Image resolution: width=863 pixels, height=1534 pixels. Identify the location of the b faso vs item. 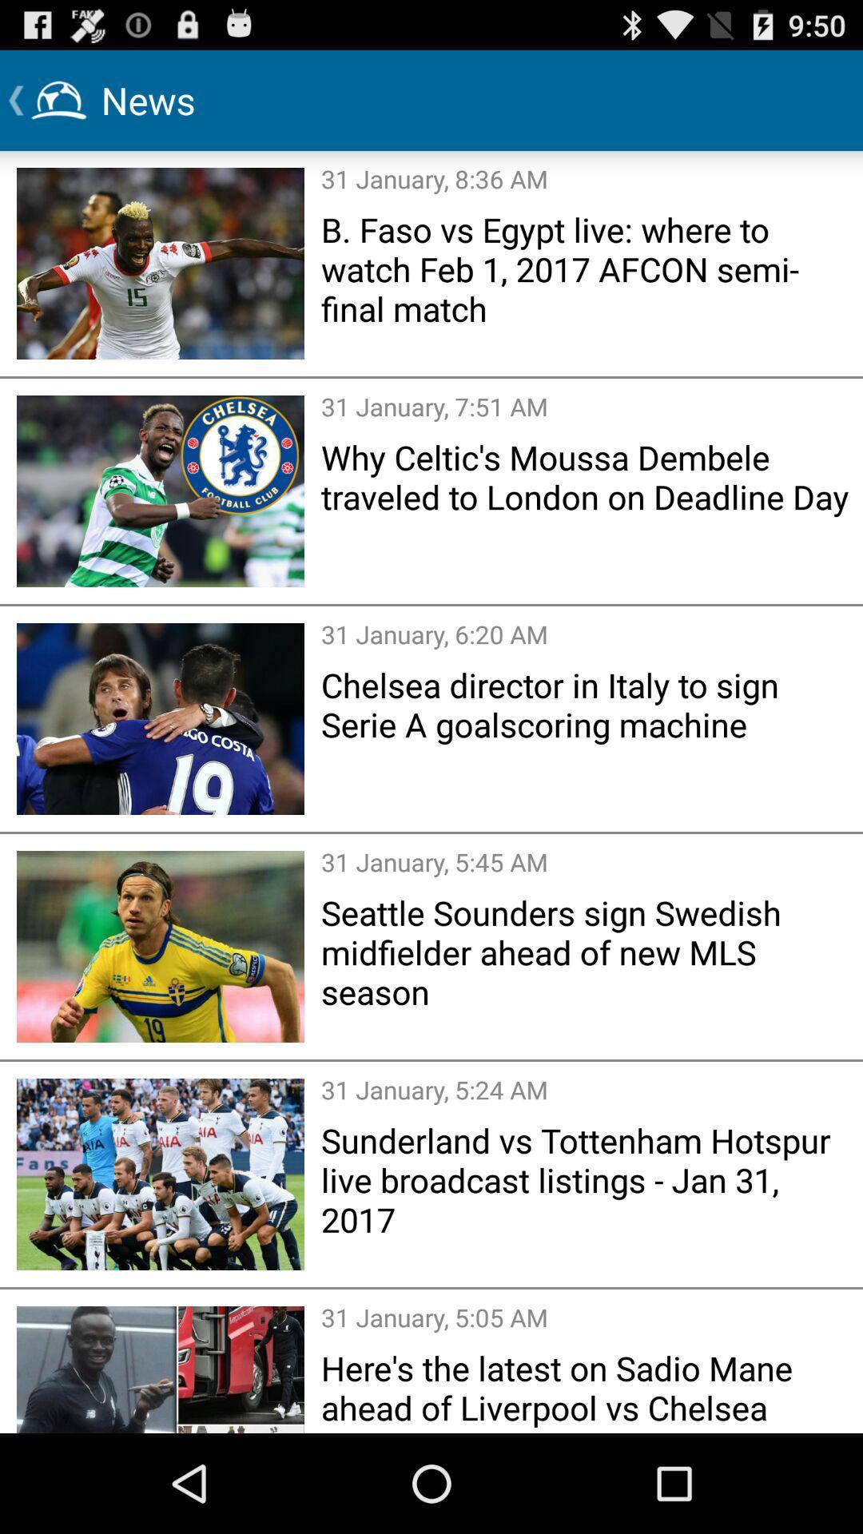
(587, 268).